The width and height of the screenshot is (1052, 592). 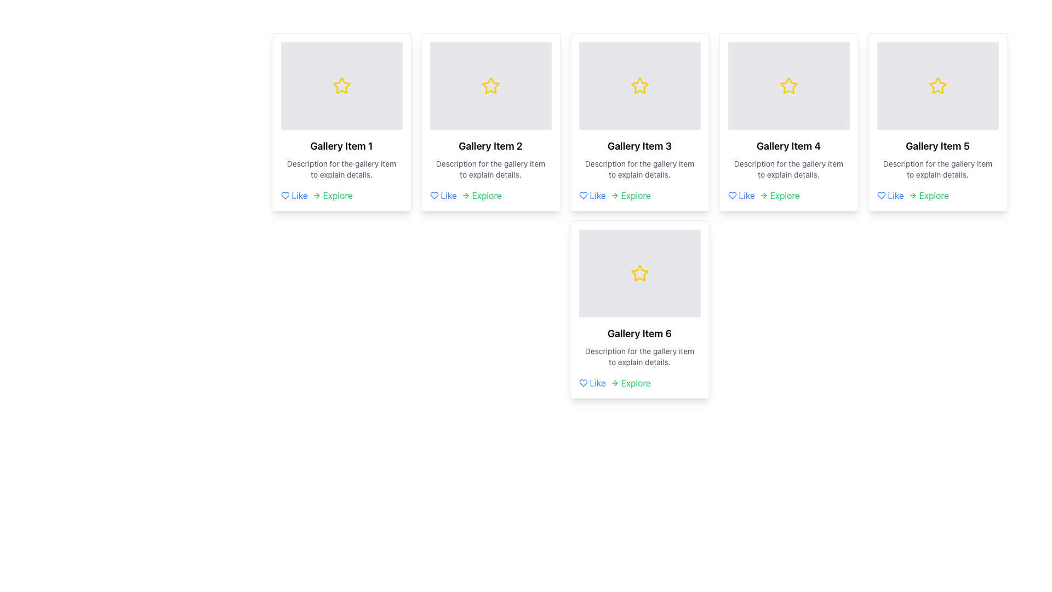 I want to click on the heart-shaped icon with a blue outline, which is part of the 'Like' label under Gallery Item 4, so click(x=732, y=195).